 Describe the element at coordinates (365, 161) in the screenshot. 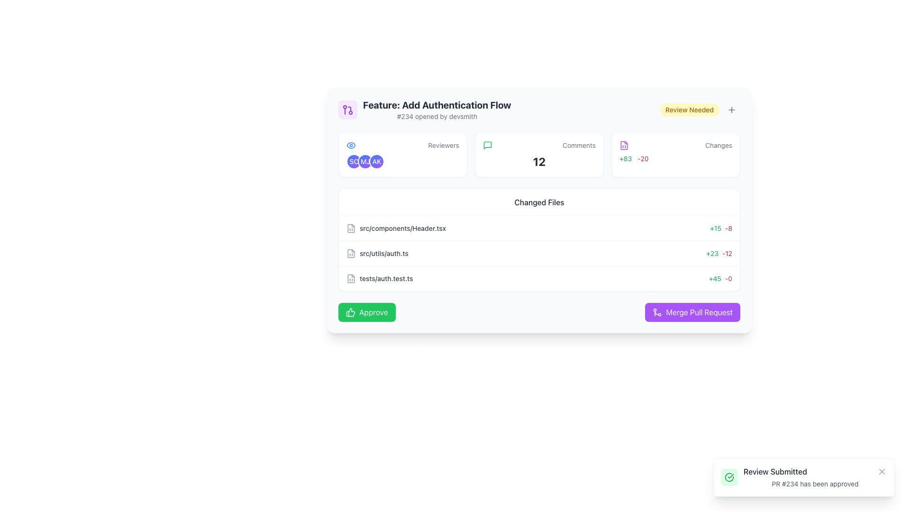

I see `the second avatar badge, positioned between the badges labeled 'SC' and 'AK'` at that location.